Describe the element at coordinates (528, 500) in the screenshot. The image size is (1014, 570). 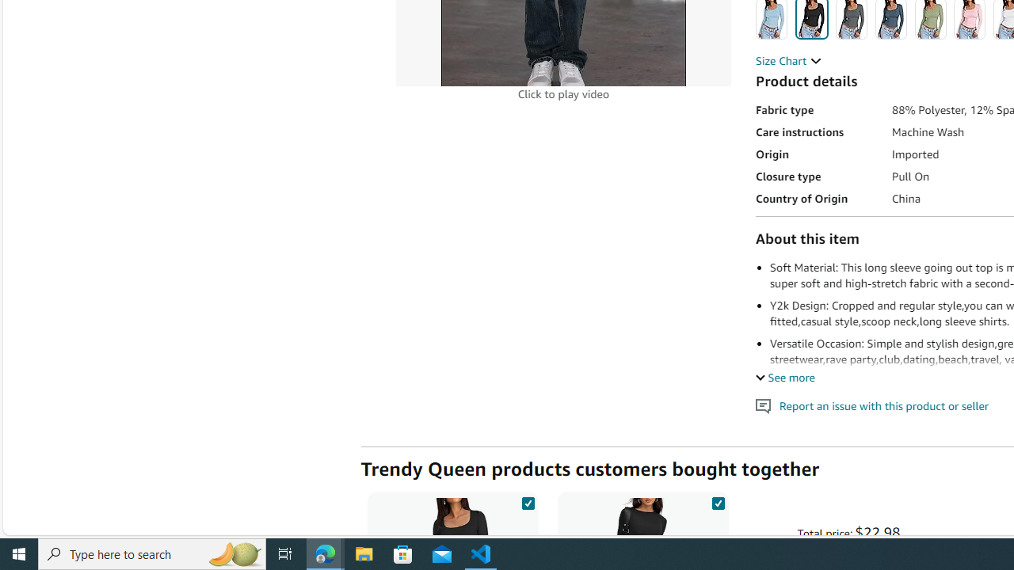
I see `'AutomationID: thematicBundleCheck-1'` at that location.